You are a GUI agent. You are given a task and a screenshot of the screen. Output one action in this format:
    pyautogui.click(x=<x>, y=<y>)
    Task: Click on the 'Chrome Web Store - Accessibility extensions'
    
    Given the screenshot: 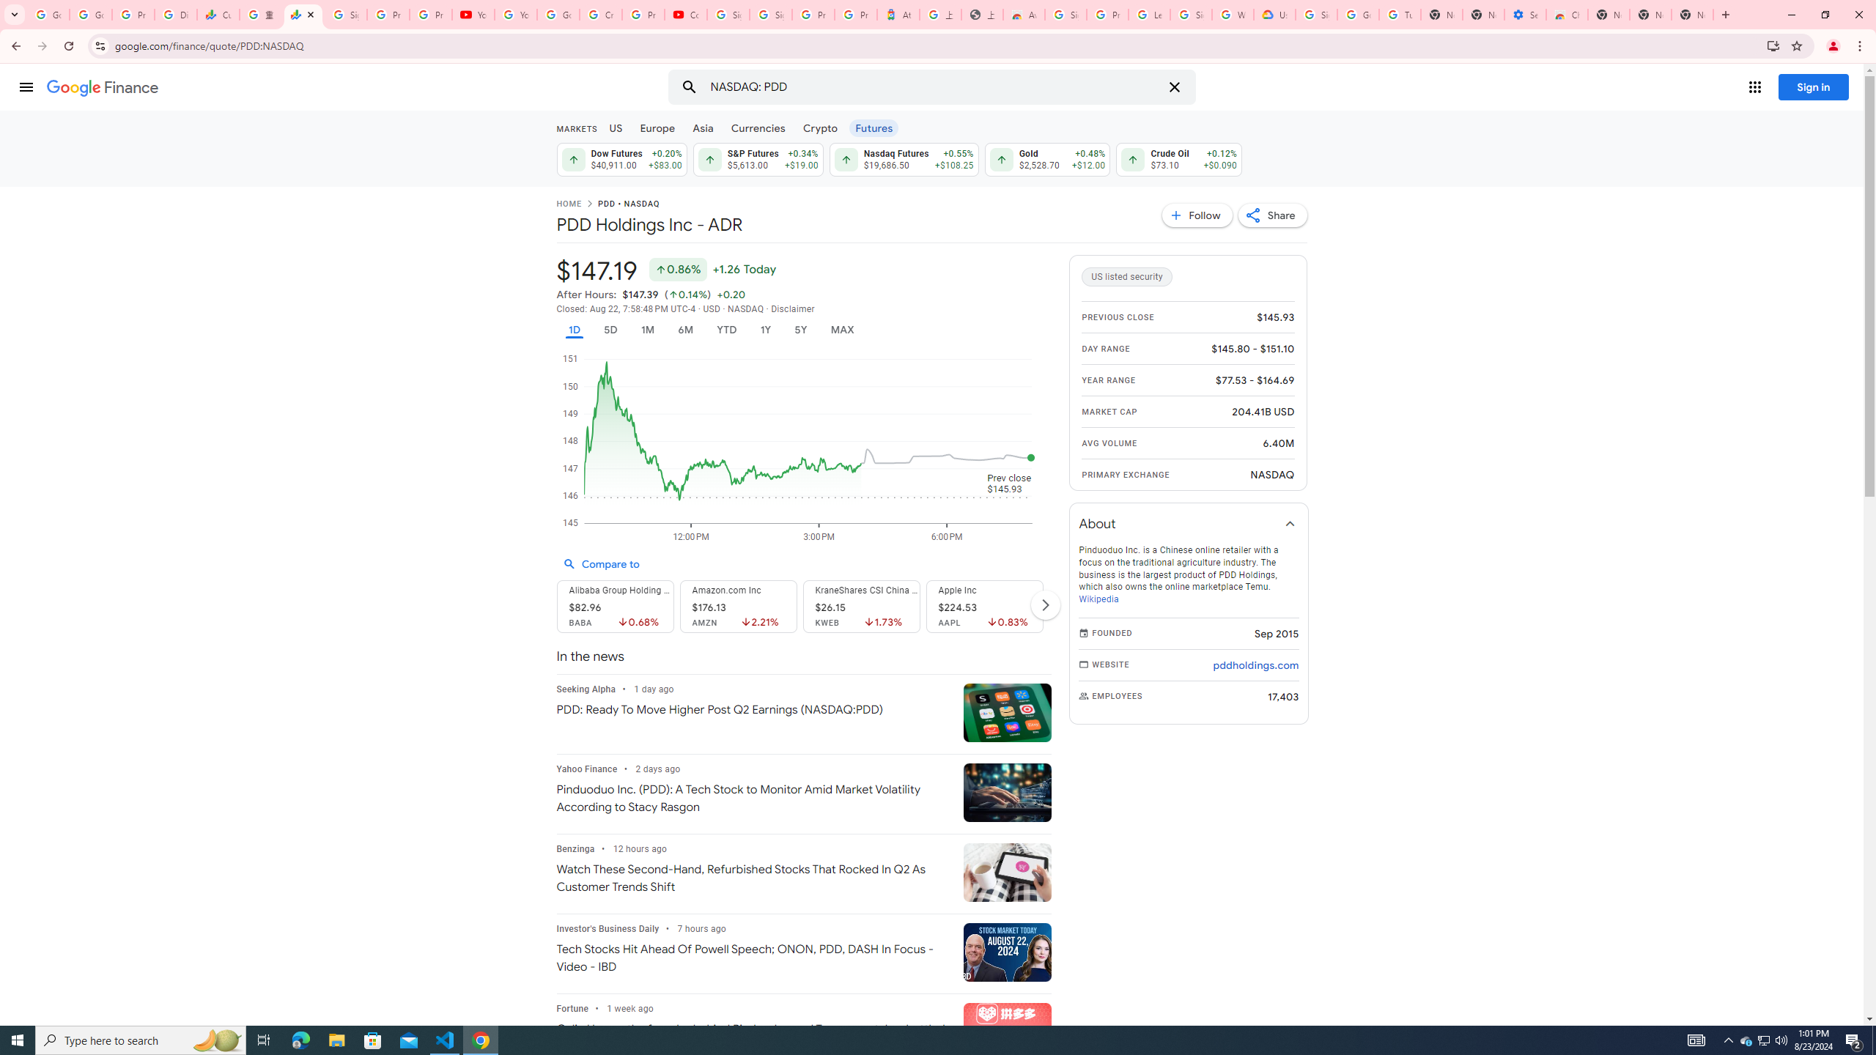 What is the action you would take?
    pyautogui.click(x=1566, y=14)
    